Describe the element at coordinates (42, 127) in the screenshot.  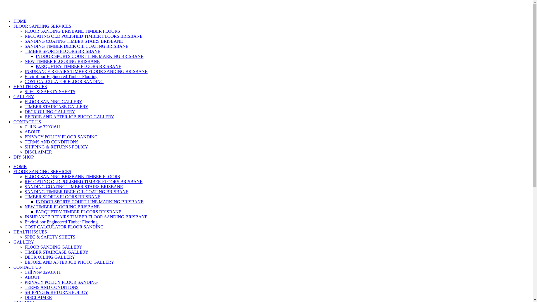
I see `'Call Now 32931611'` at that location.